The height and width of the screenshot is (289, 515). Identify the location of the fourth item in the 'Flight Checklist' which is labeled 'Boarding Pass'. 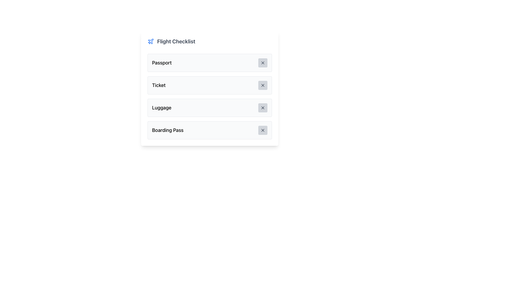
(209, 130).